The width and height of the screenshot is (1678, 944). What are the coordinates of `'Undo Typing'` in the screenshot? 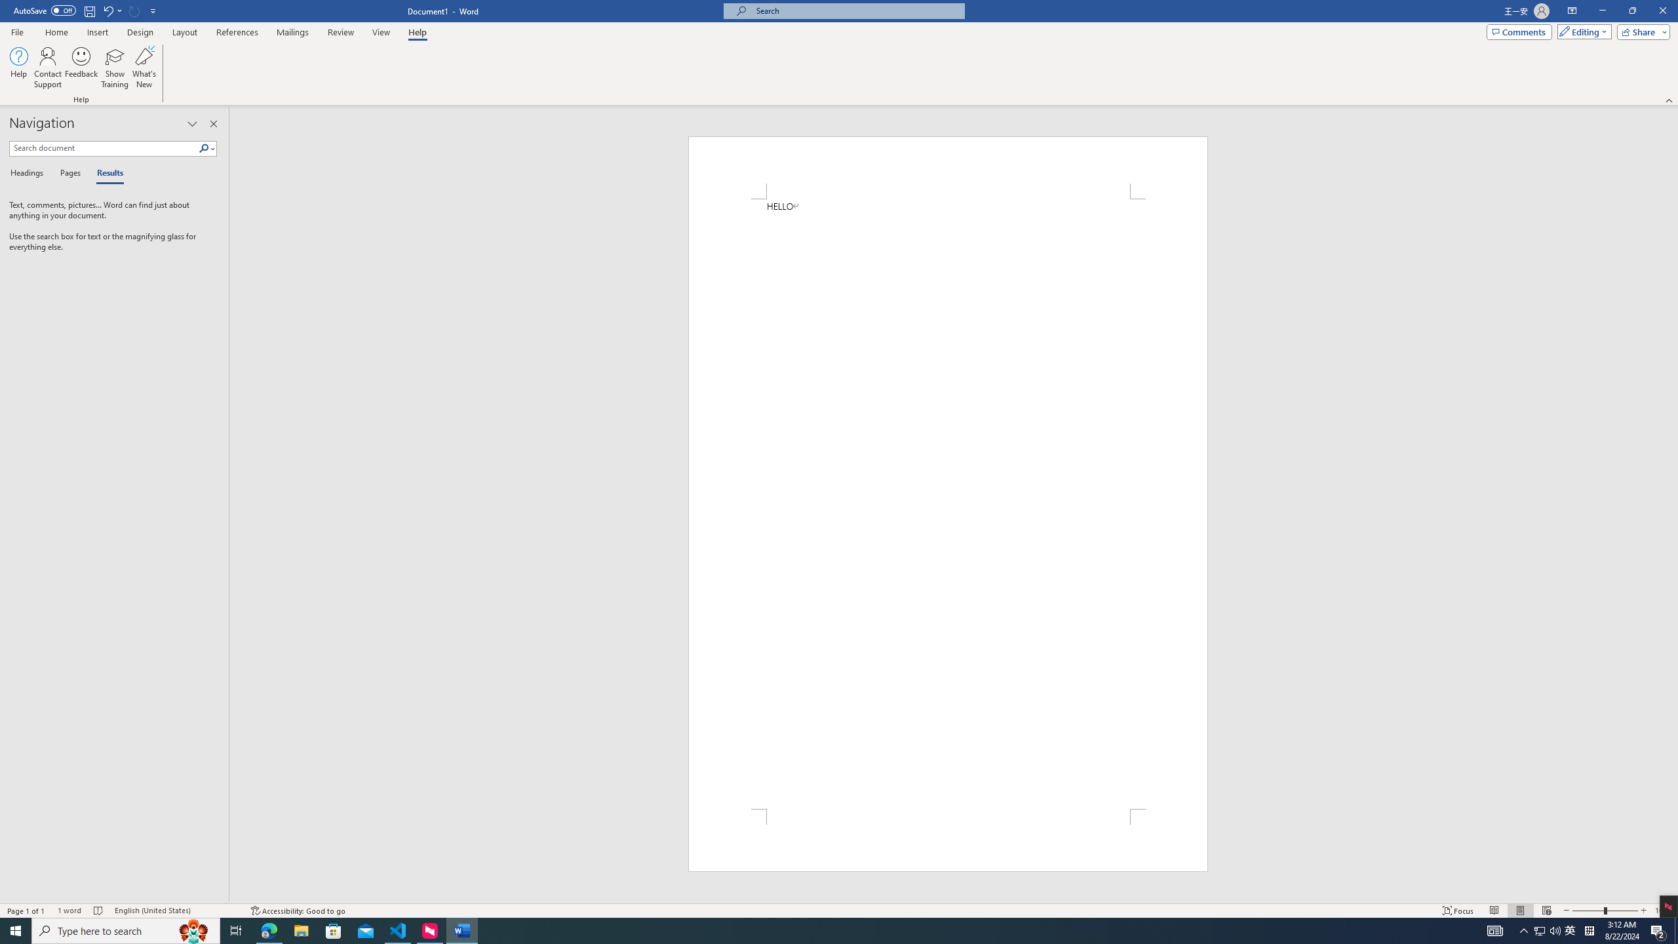 It's located at (111, 10).